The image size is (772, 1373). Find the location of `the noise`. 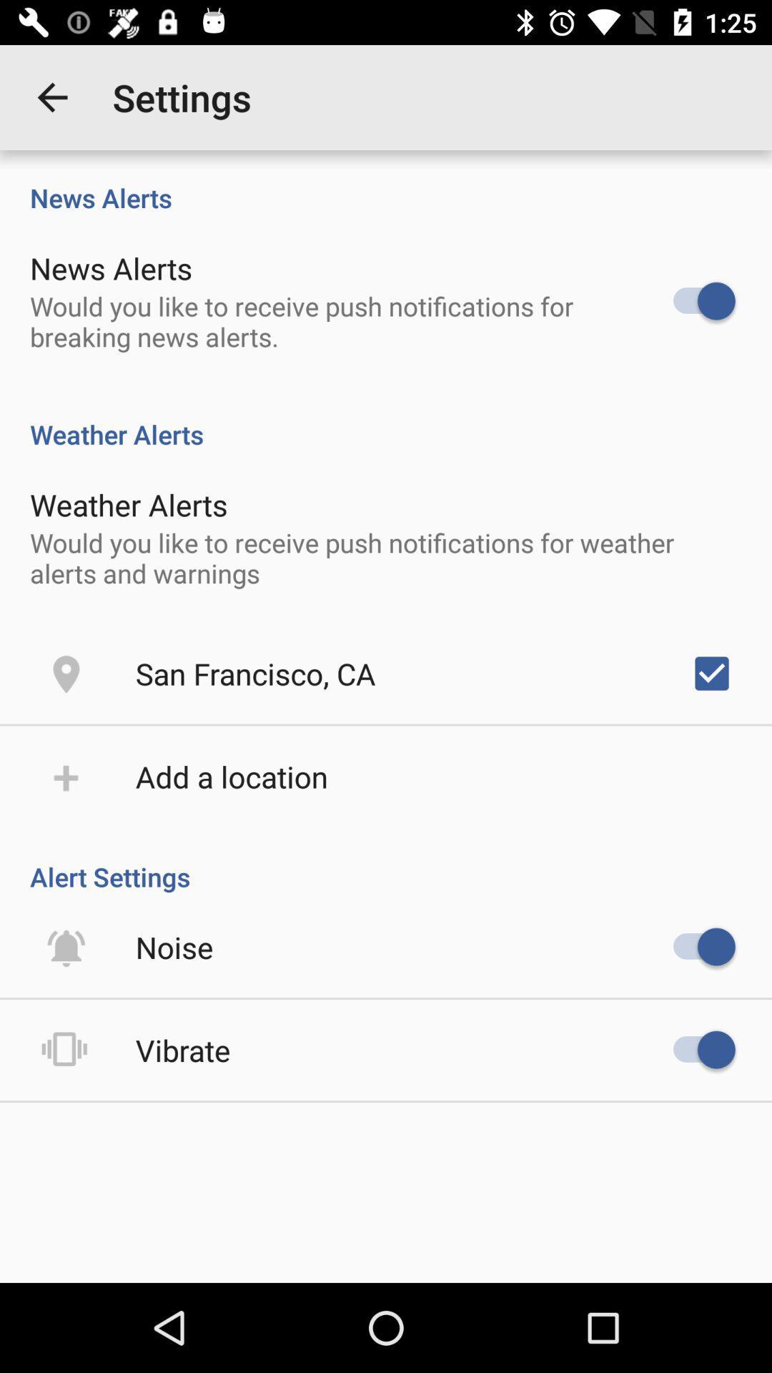

the noise is located at coordinates (174, 947).